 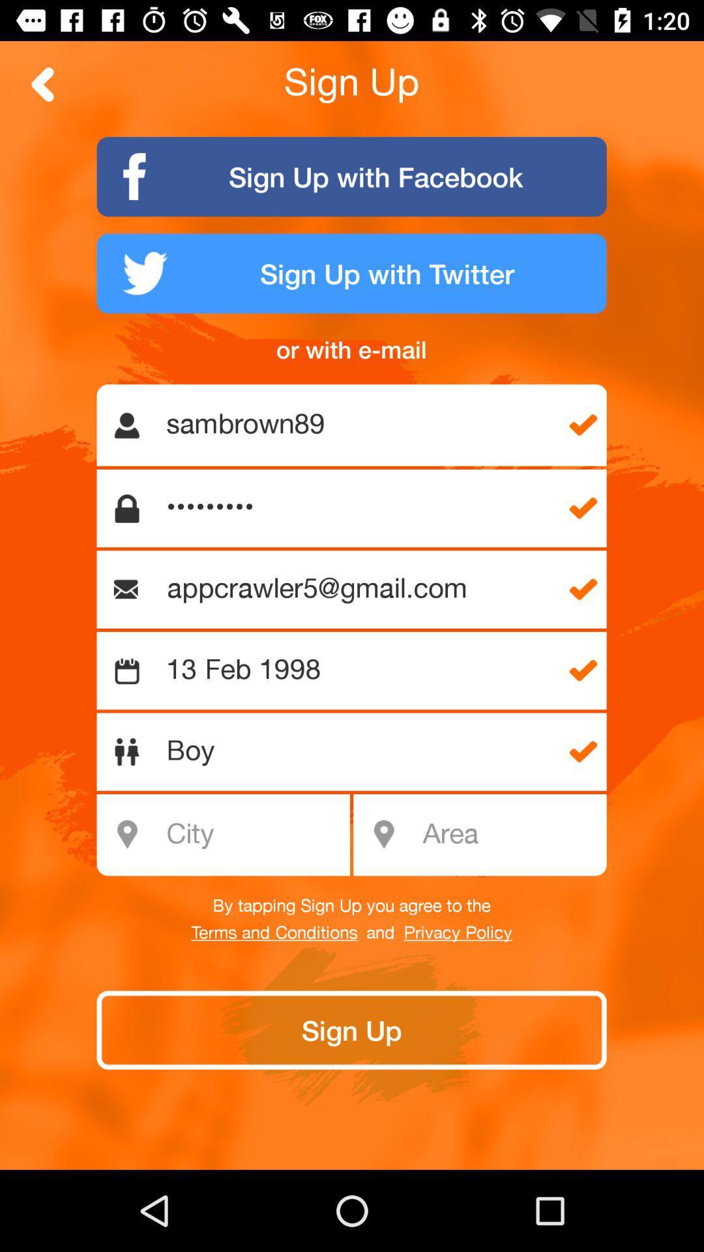 What do you see at coordinates (357, 589) in the screenshot?
I see `appcrawler5@gmail.com` at bounding box center [357, 589].